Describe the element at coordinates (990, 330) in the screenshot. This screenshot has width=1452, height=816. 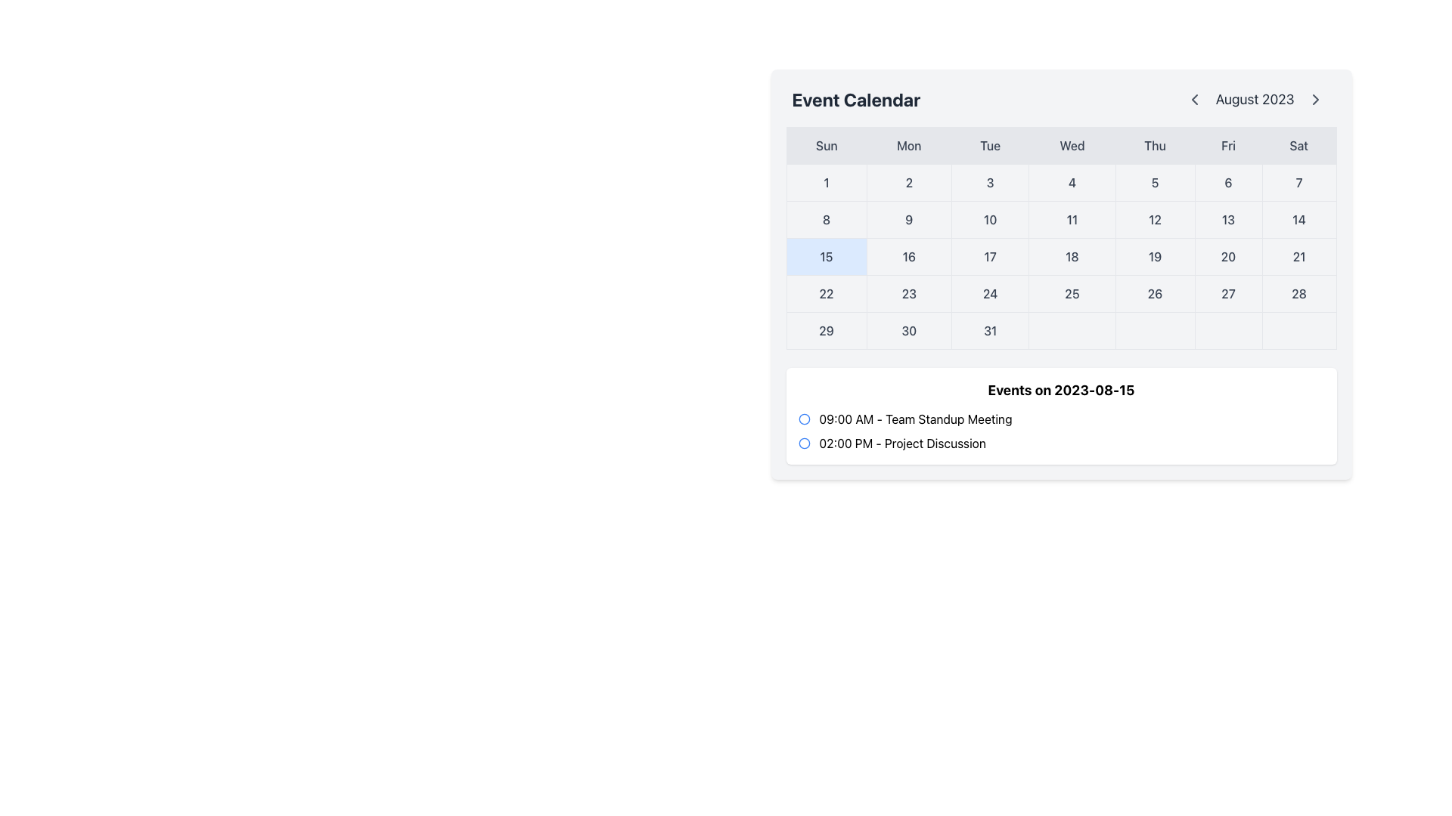
I see `the Day cell in the calendar grid representing the date '31'` at that location.